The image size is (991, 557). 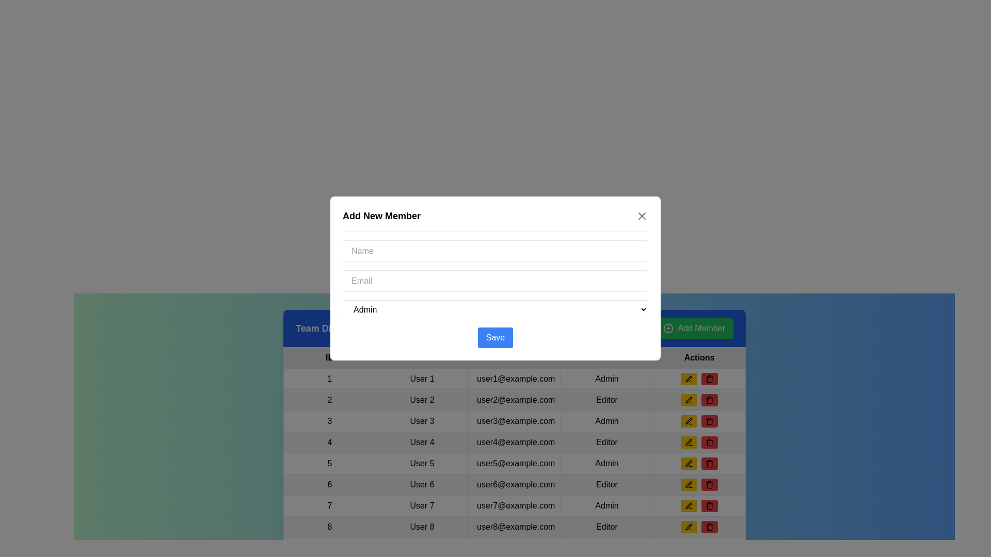 What do you see at coordinates (515, 379) in the screenshot?
I see `the non-interactive text label displaying the email address located in the third column of the first data row of the table` at bounding box center [515, 379].